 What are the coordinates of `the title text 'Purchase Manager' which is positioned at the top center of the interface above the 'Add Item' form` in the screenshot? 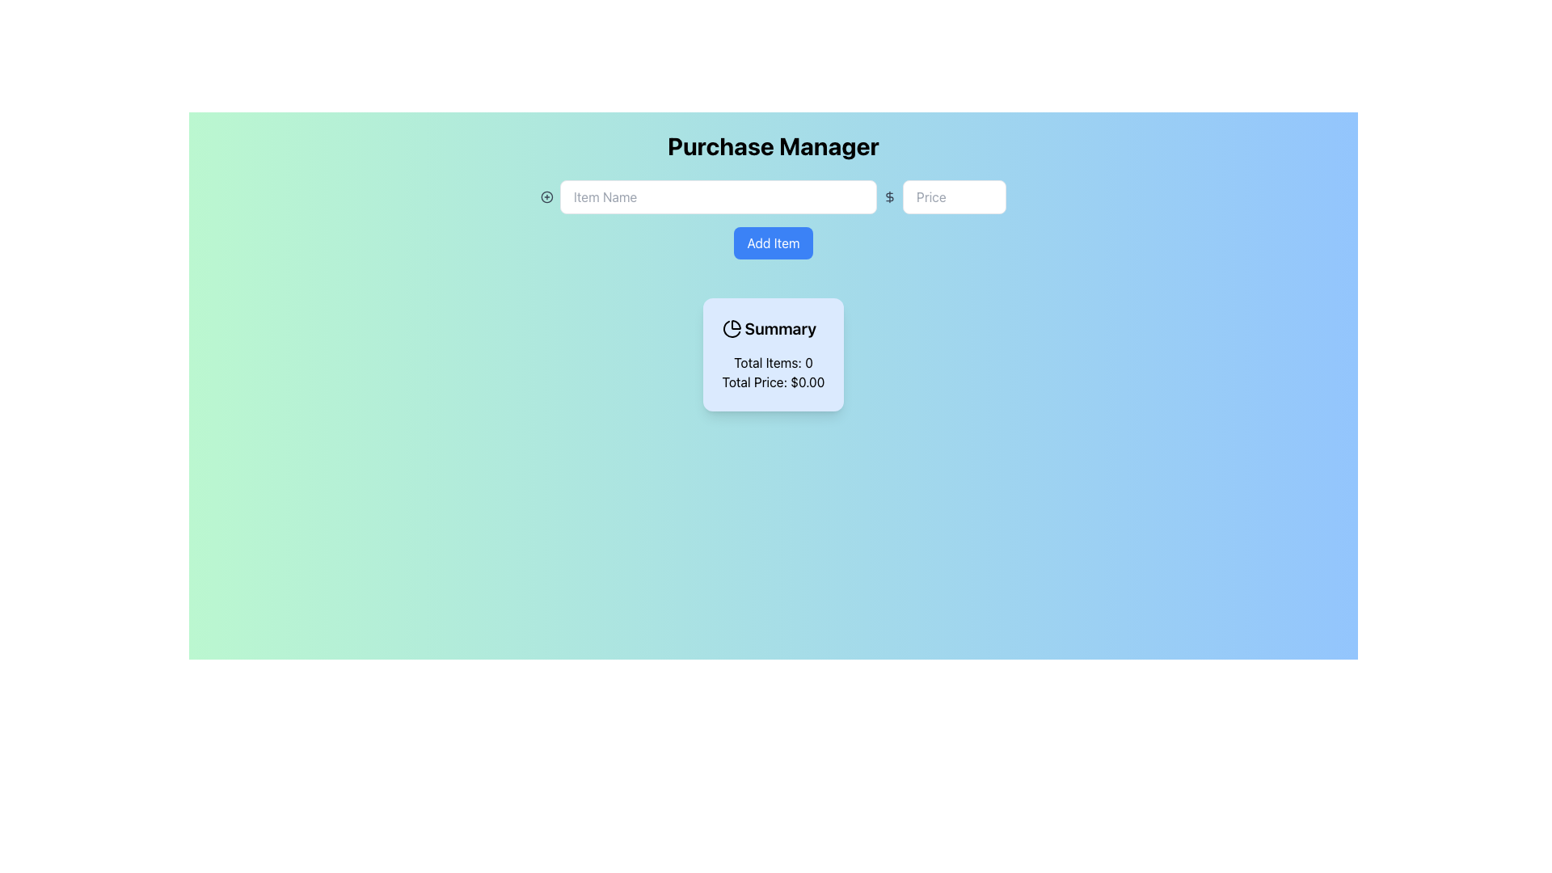 It's located at (772, 146).